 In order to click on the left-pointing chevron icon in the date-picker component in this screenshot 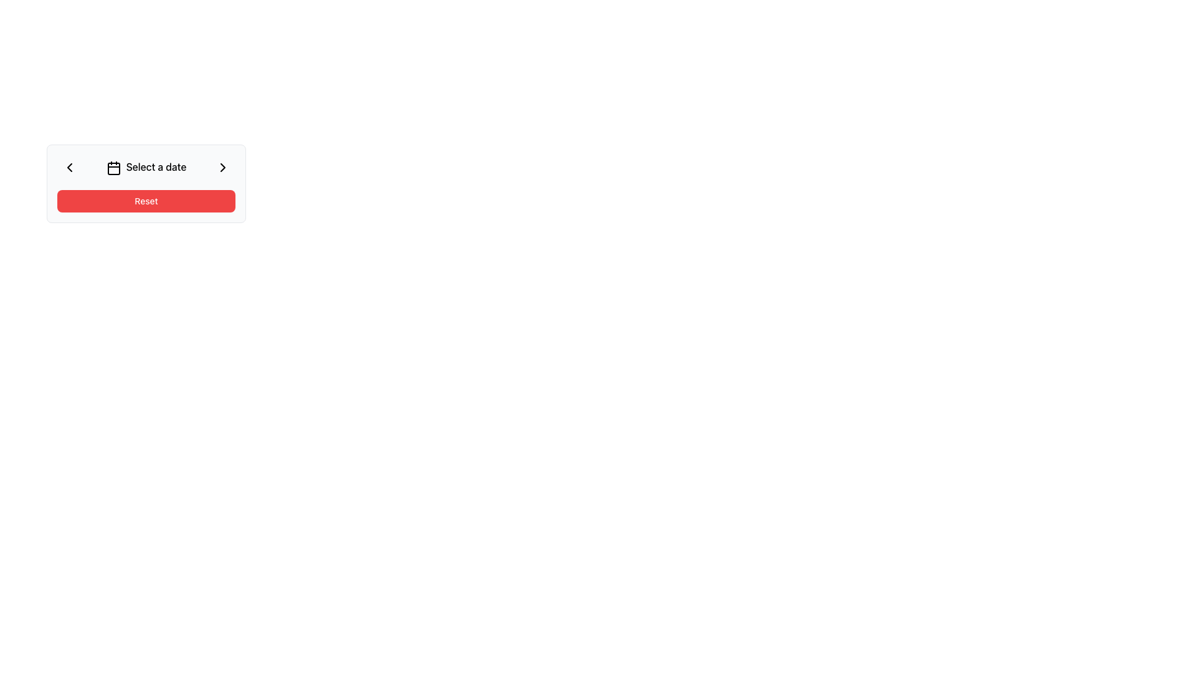, I will do `click(69, 167)`.